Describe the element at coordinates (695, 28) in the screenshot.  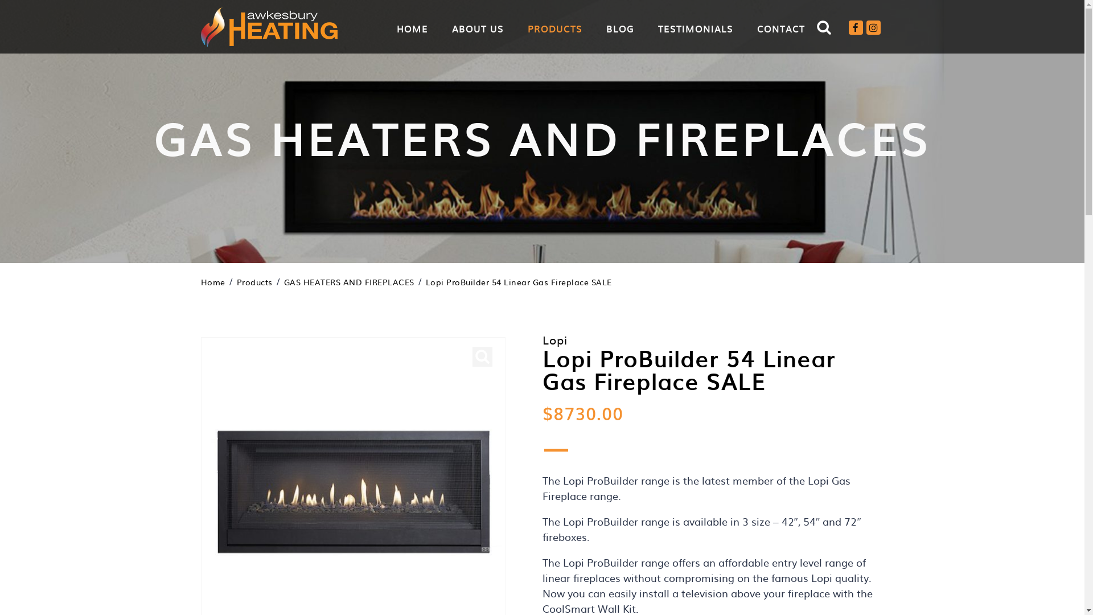
I see `'TESTIMONIALS'` at that location.